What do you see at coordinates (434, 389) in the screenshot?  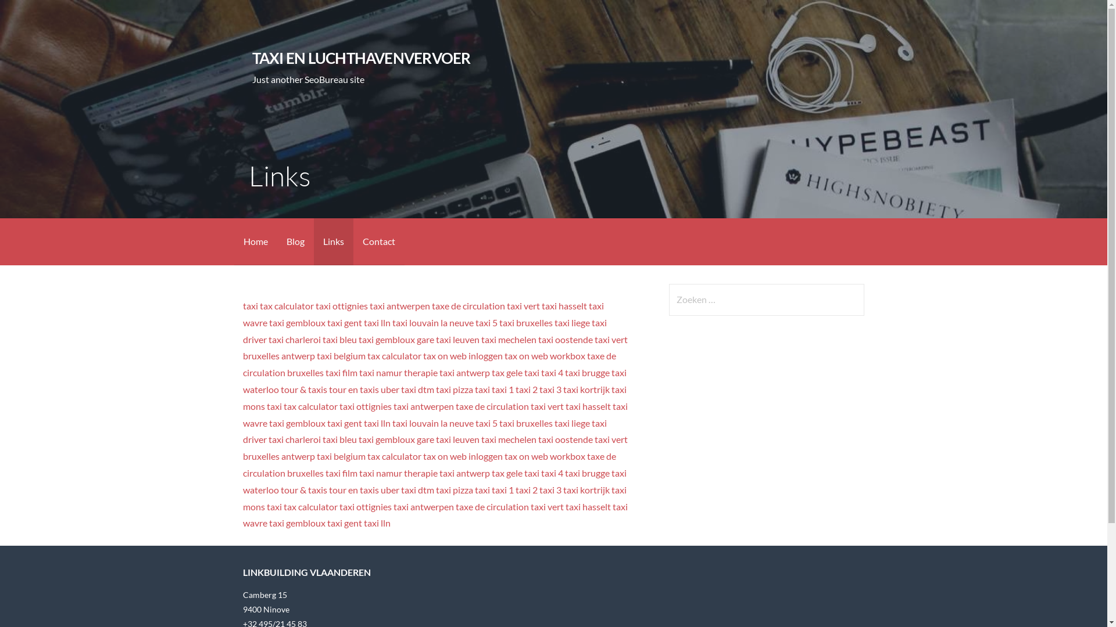 I see `'dtm taxi'` at bounding box center [434, 389].